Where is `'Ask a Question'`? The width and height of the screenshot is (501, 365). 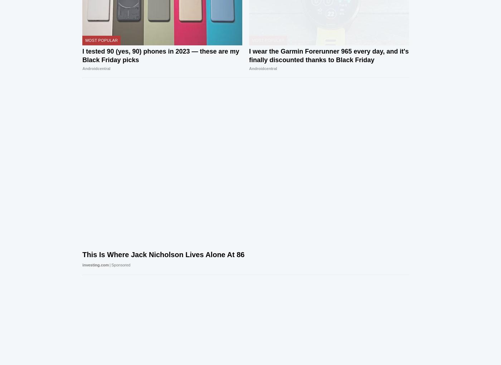 'Ask a Question' is located at coordinates (203, 269).